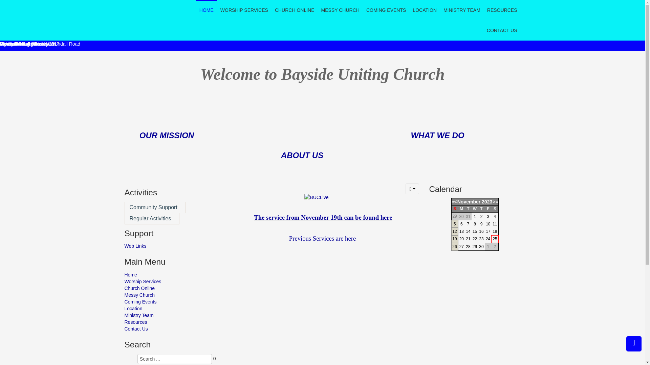  Describe the element at coordinates (170, 301) in the screenshot. I see `'Coming Events'` at that location.